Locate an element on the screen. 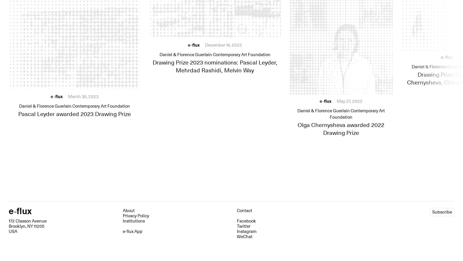 This screenshot has height=261, width=463. 'USA' is located at coordinates (12, 231).